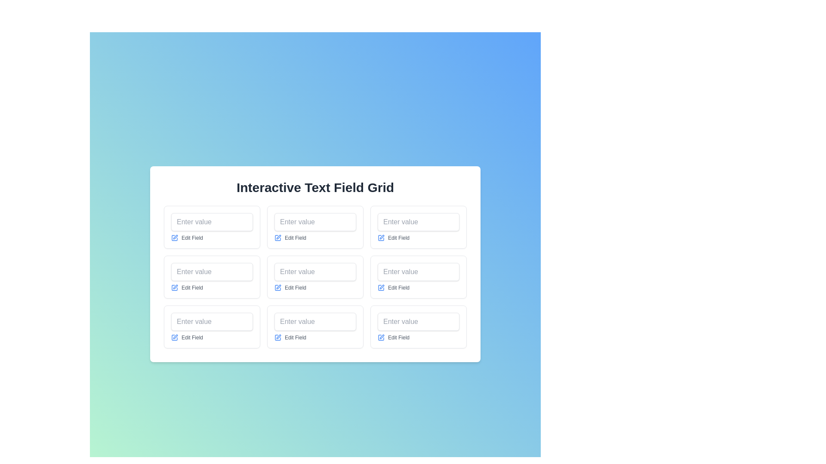 The image size is (826, 464). What do you see at coordinates (174, 238) in the screenshot?
I see `the small blue square pen icon with a pencil symbol, located in the top-left group of the grid, to the left of 'Edit Field' and below the 'Enter value' text input box` at bounding box center [174, 238].